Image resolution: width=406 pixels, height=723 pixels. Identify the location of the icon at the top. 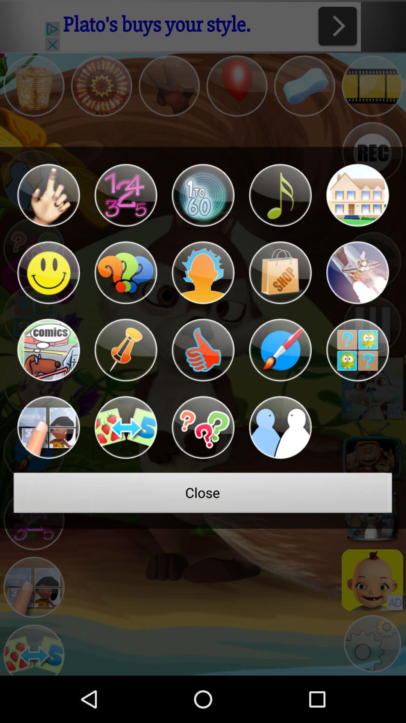
(203, 195).